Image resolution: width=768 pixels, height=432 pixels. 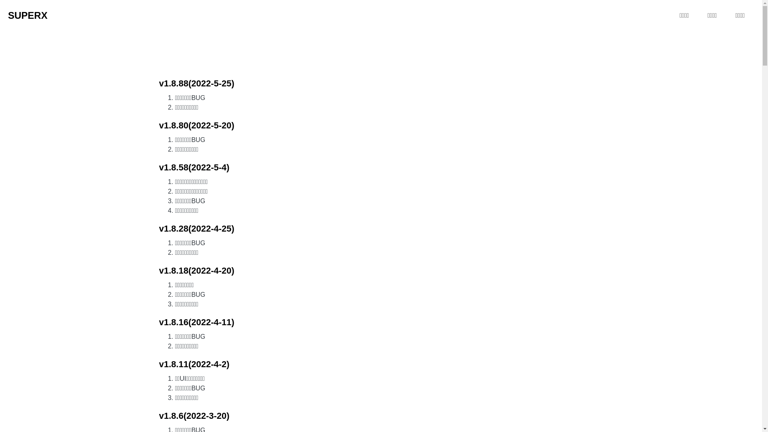 I want to click on 'SUPERX', so click(x=8, y=15).